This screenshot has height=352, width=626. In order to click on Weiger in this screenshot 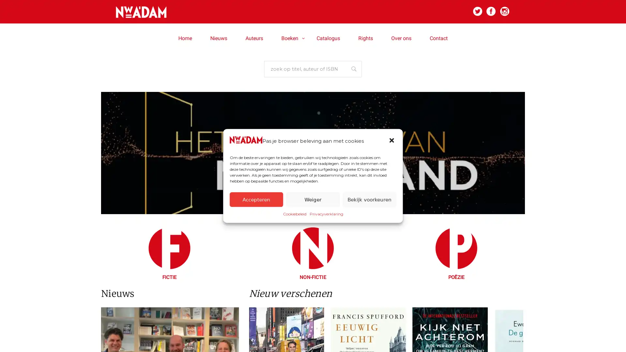, I will do `click(312, 199)`.